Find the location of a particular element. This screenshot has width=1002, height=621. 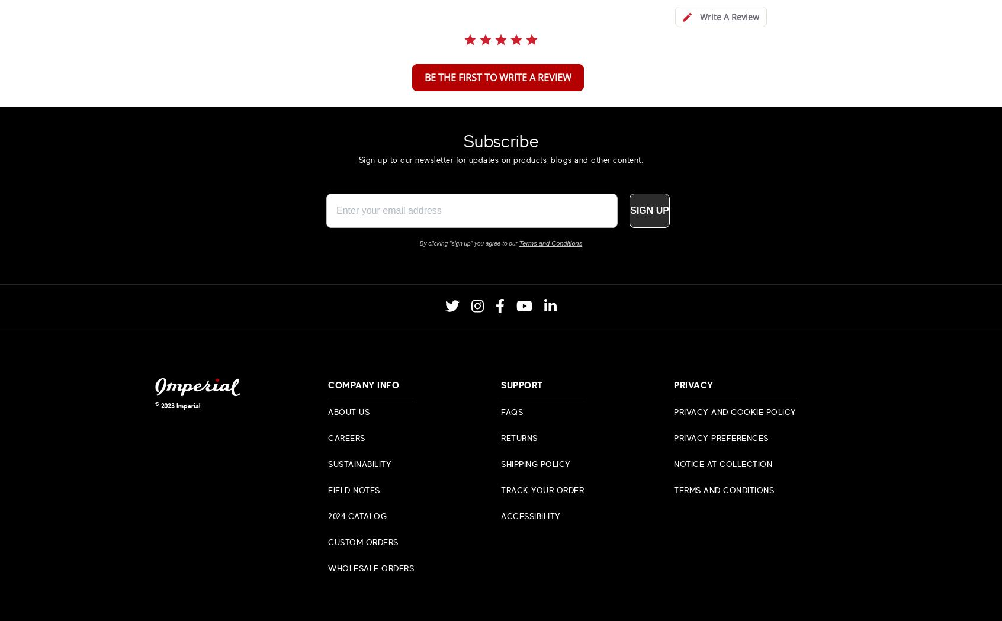

'Wholesale Orders' is located at coordinates (370, 567).